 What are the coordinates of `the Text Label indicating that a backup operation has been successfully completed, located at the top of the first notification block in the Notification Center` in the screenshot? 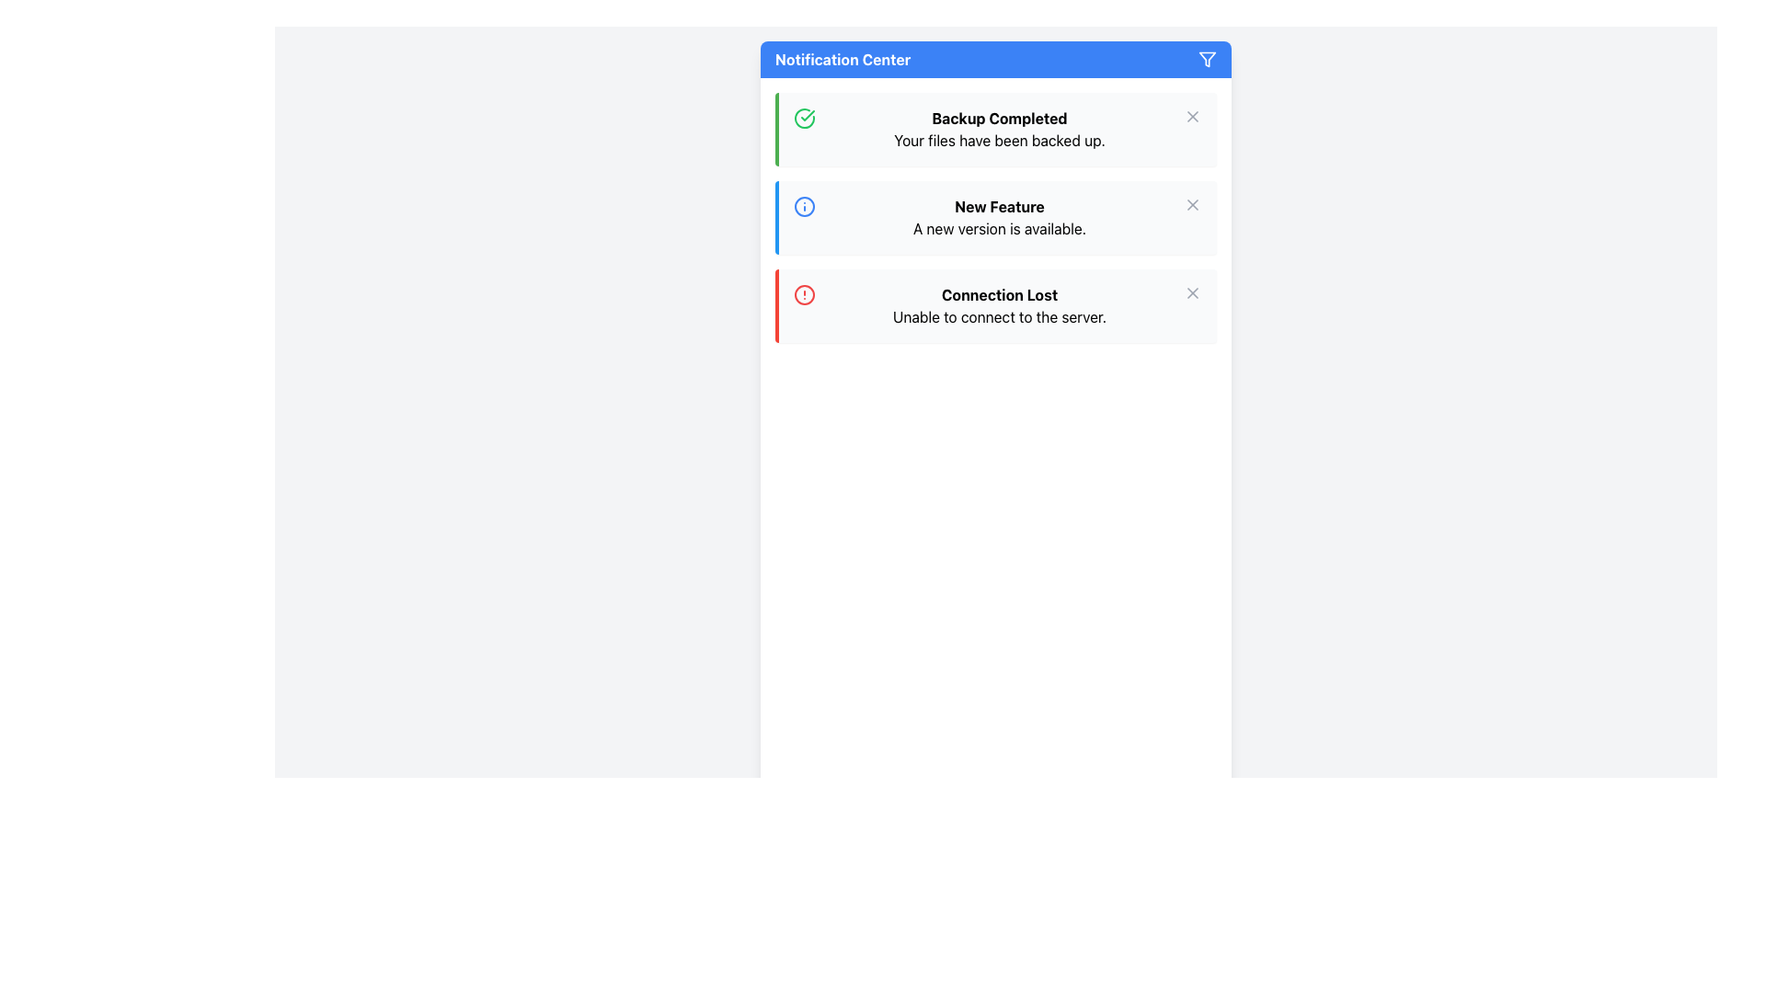 It's located at (998, 118).